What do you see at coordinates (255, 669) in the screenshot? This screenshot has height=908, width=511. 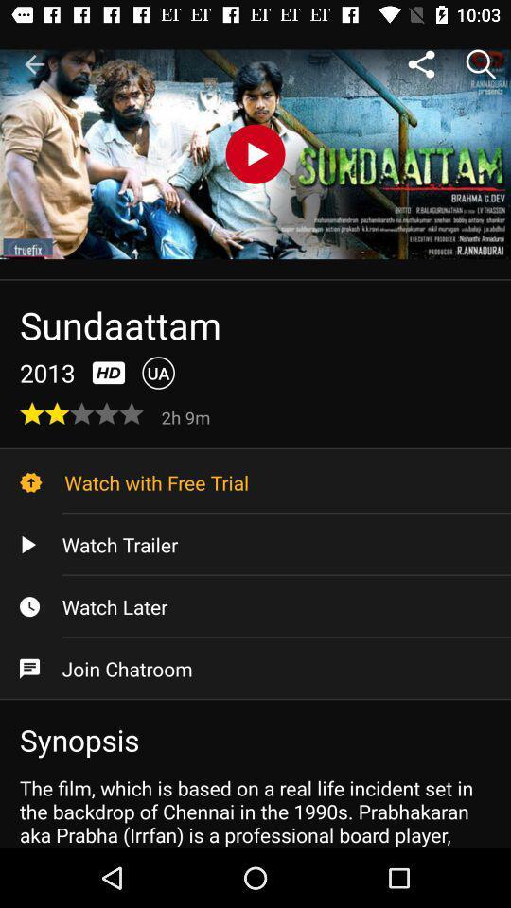 I see `the icon above synopsis item` at bounding box center [255, 669].